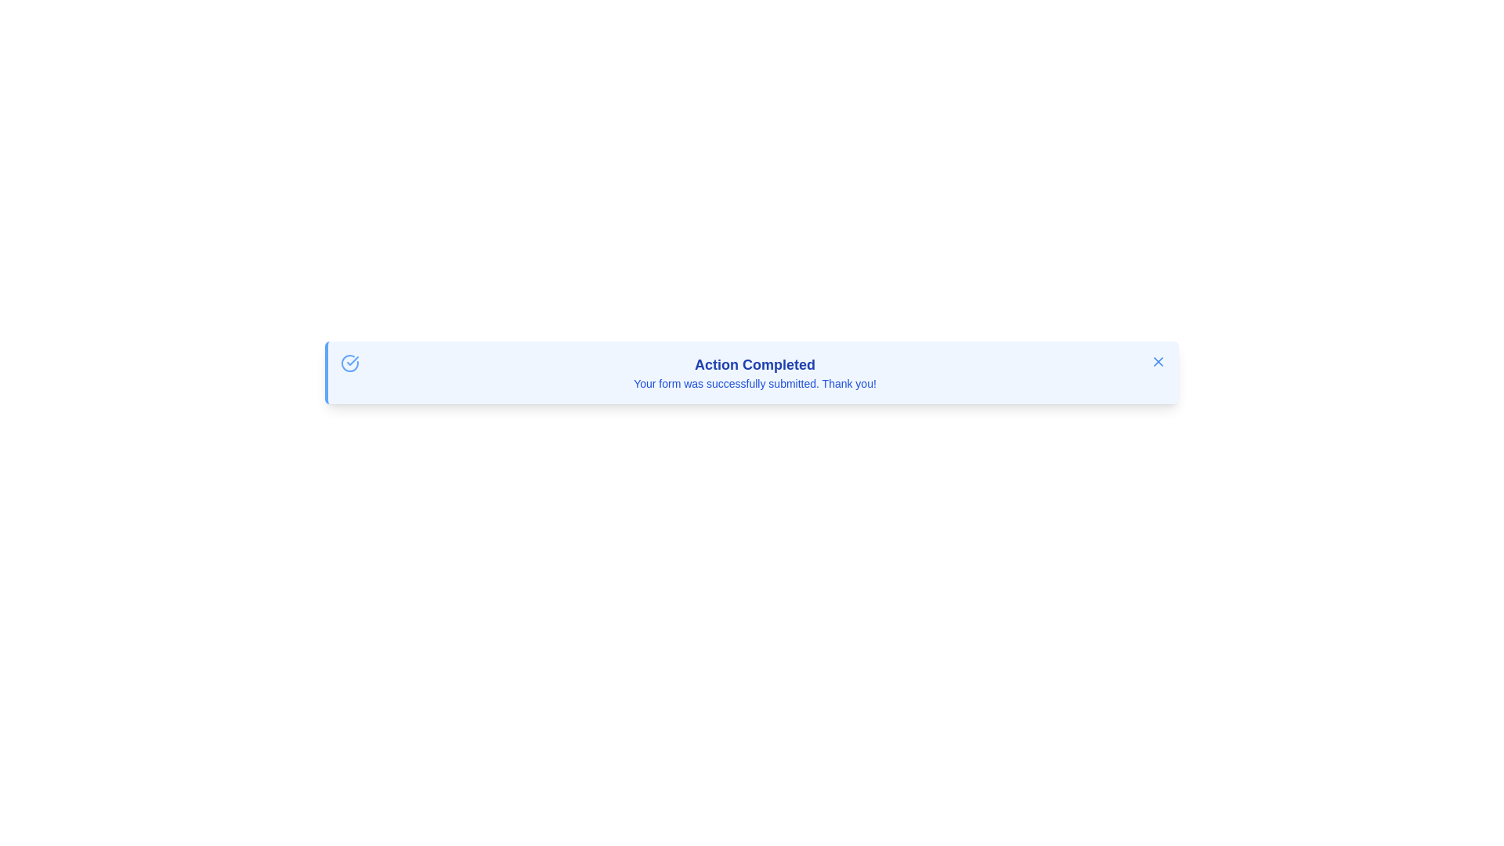 This screenshot has width=1504, height=846. What do you see at coordinates (755, 383) in the screenshot?
I see `confirmation message text label displaying 'Your form was successfully submitted. Thank you!' located below the heading 'Action Completed'` at bounding box center [755, 383].